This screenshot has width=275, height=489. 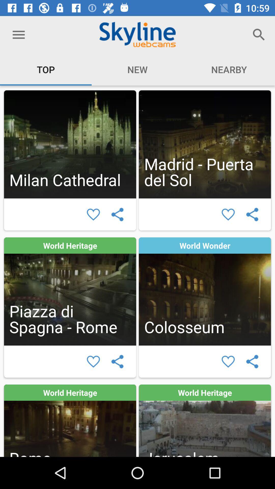 What do you see at coordinates (93, 361) in the screenshot?
I see `it` at bounding box center [93, 361].